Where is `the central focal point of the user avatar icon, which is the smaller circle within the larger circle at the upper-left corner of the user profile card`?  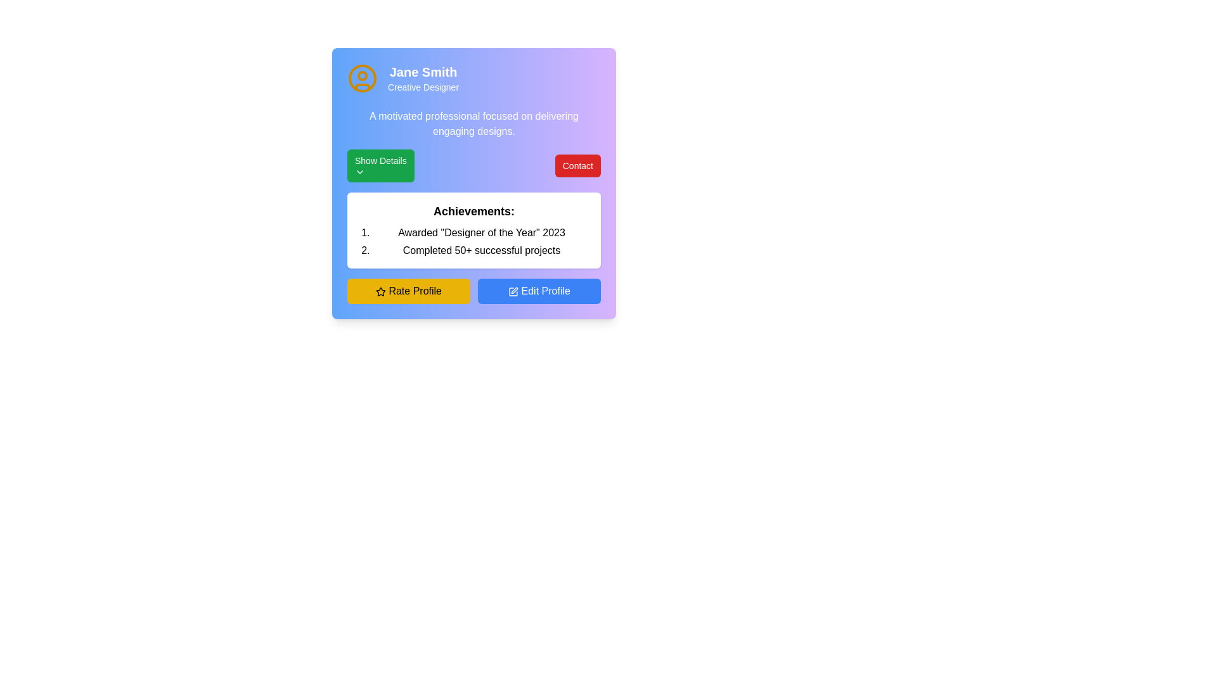 the central focal point of the user avatar icon, which is the smaller circle within the larger circle at the upper-left corner of the user profile card is located at coordinates (361, 75).